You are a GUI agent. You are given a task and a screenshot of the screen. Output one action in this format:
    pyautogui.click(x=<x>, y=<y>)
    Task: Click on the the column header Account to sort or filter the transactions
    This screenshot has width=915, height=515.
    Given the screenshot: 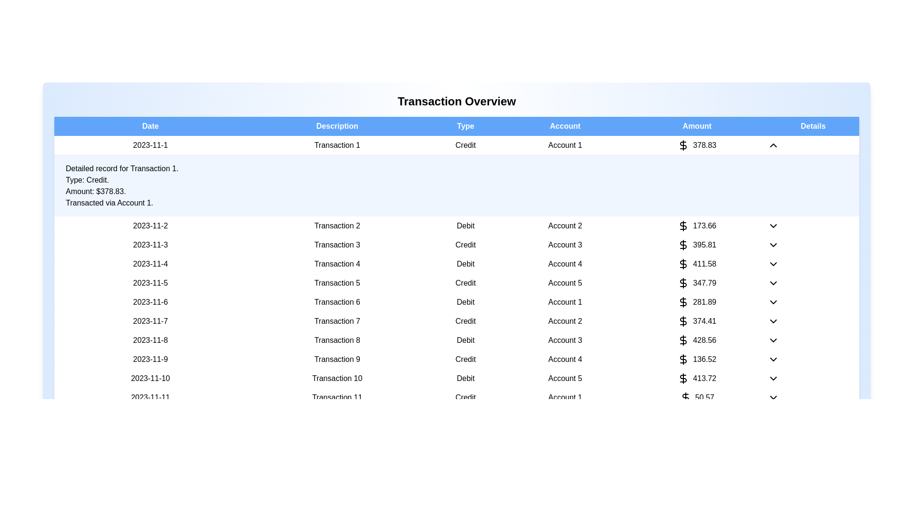 What is the action you would take?
    pyautogui.click(x=565, y=126)
    